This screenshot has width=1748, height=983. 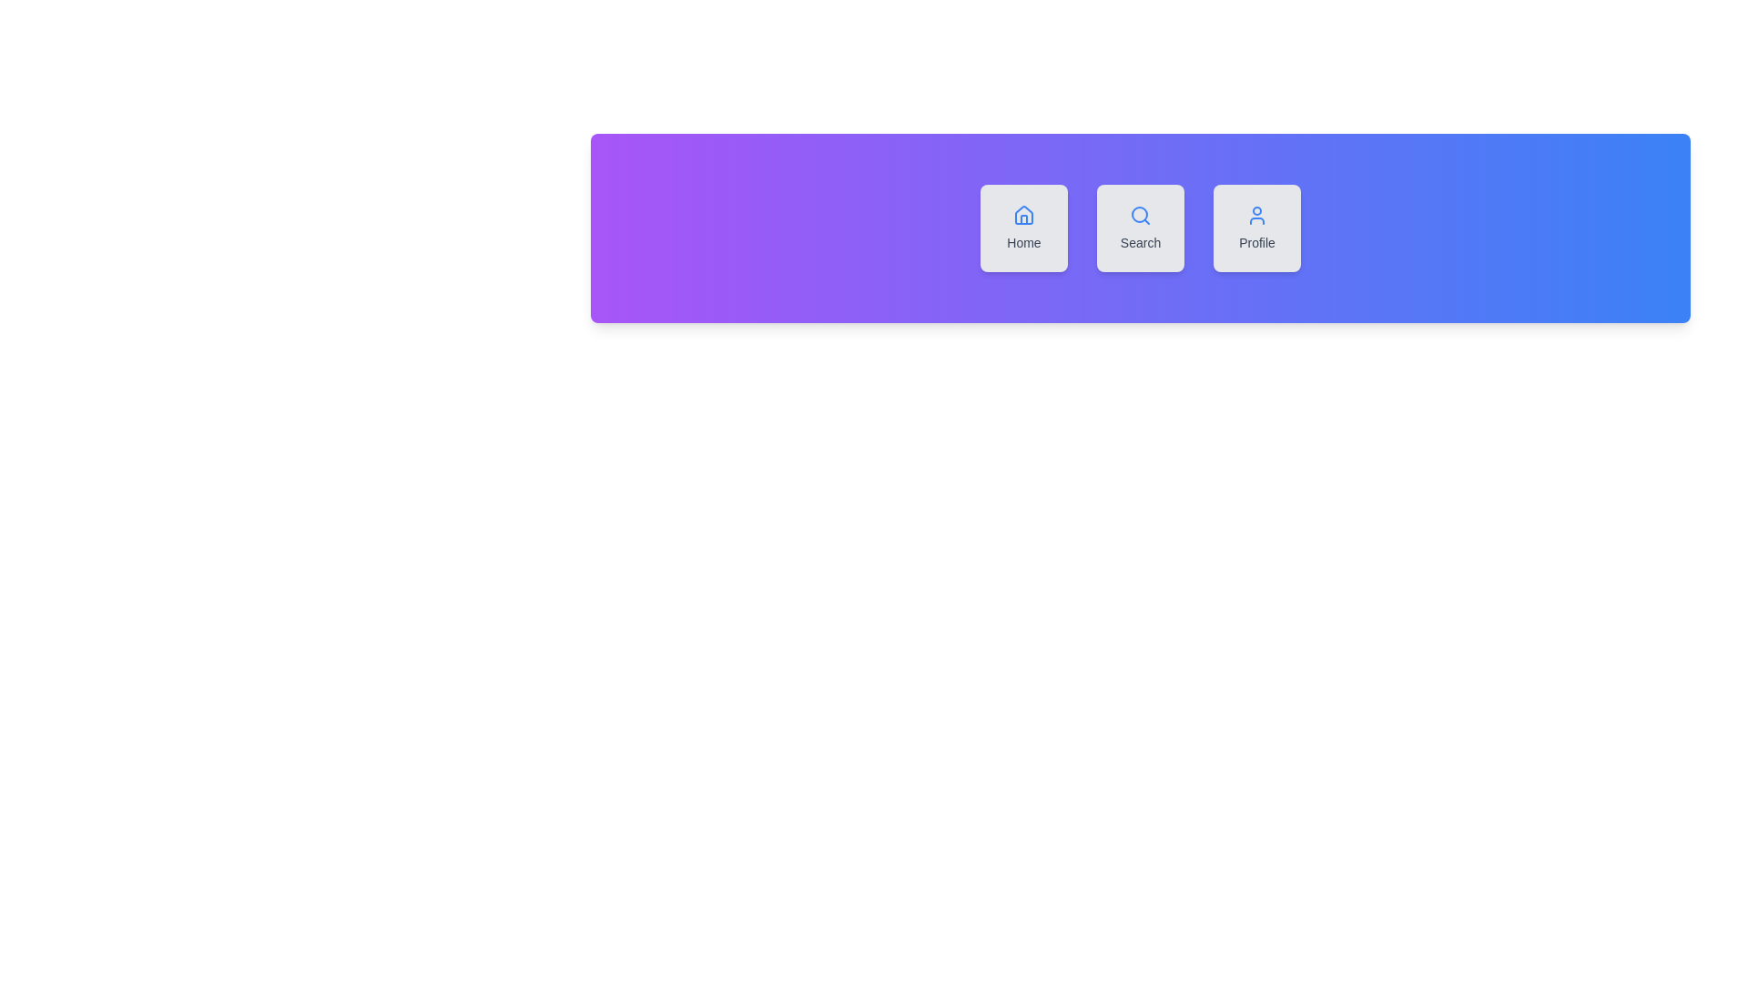 I want to click on the blue house icon located at the top center of the 'Home' card, which is prominently placed above the text description 'Home', so click(x=1023, y=214).